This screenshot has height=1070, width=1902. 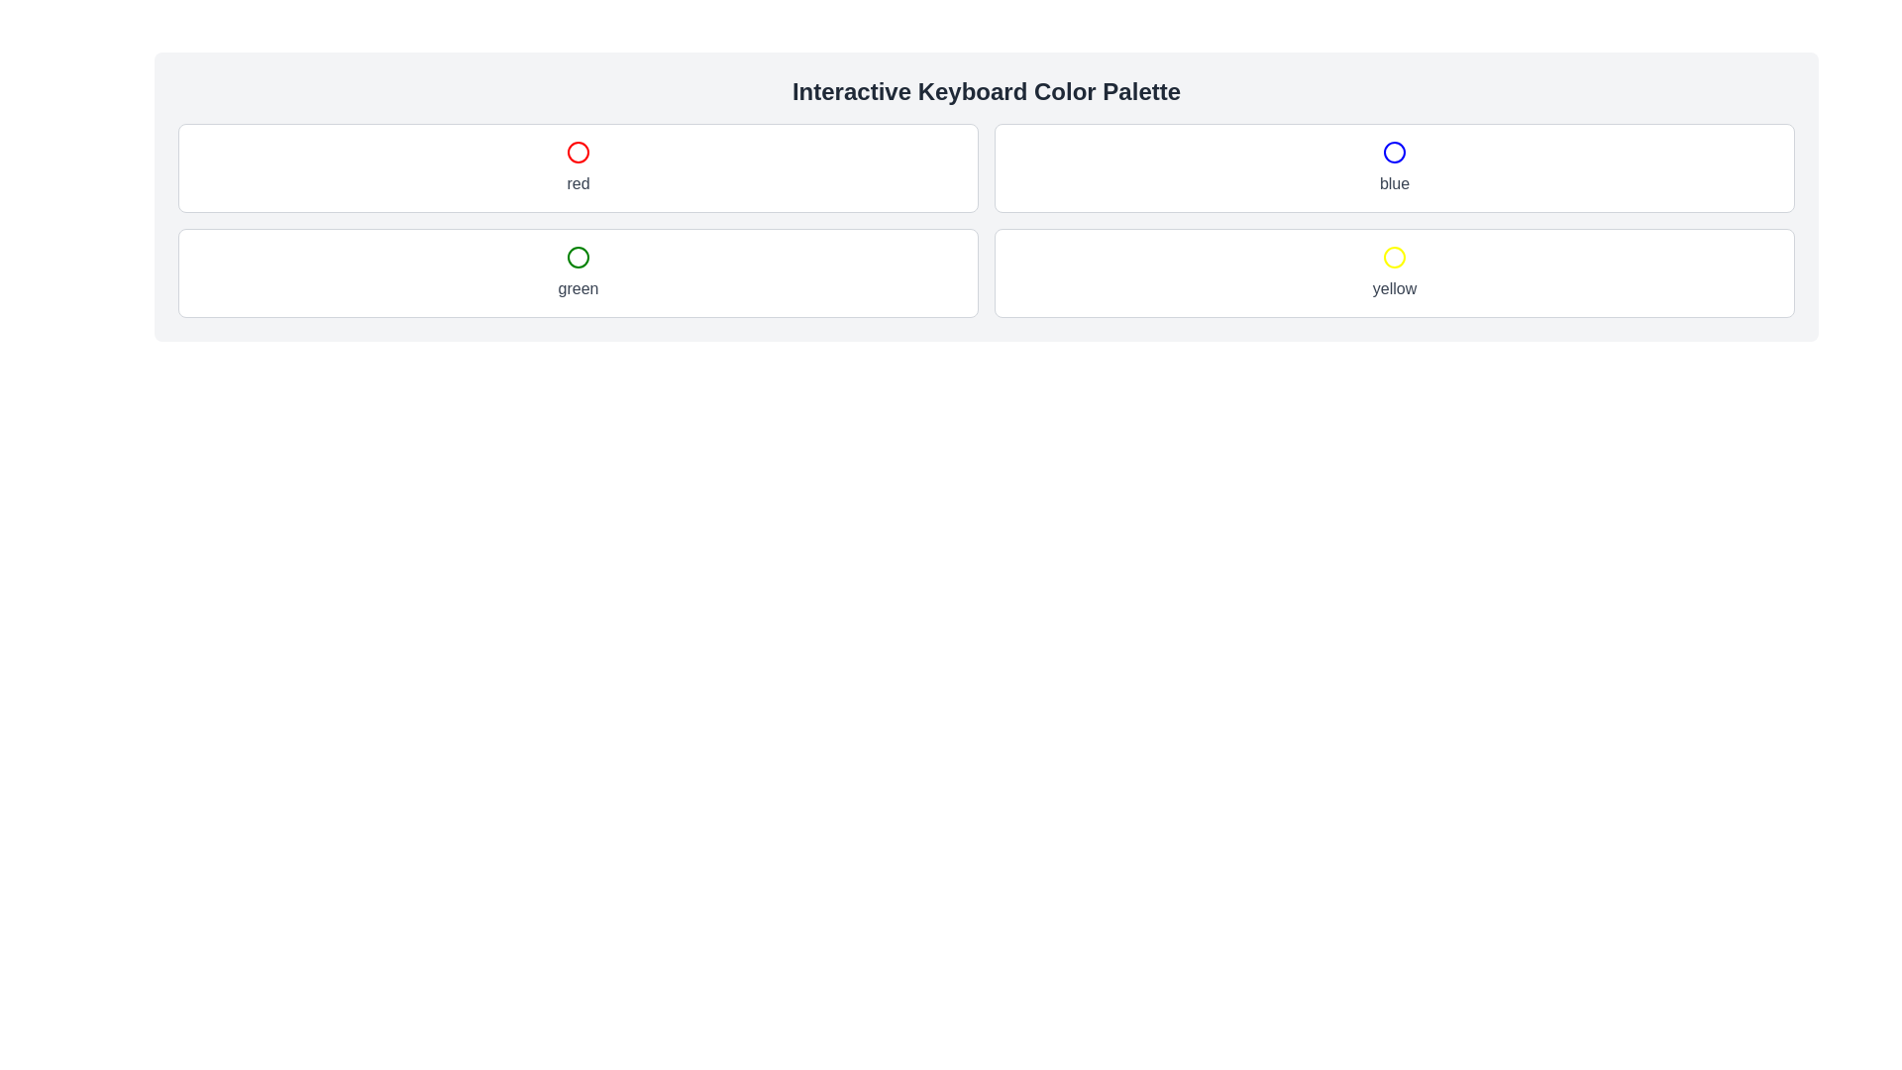 I want to click on the yellow-colored circular SVG element located in the bottom row of a 2x2 grid, positioned second from the left under the label 'yellow', so click(x=1393, y=256).